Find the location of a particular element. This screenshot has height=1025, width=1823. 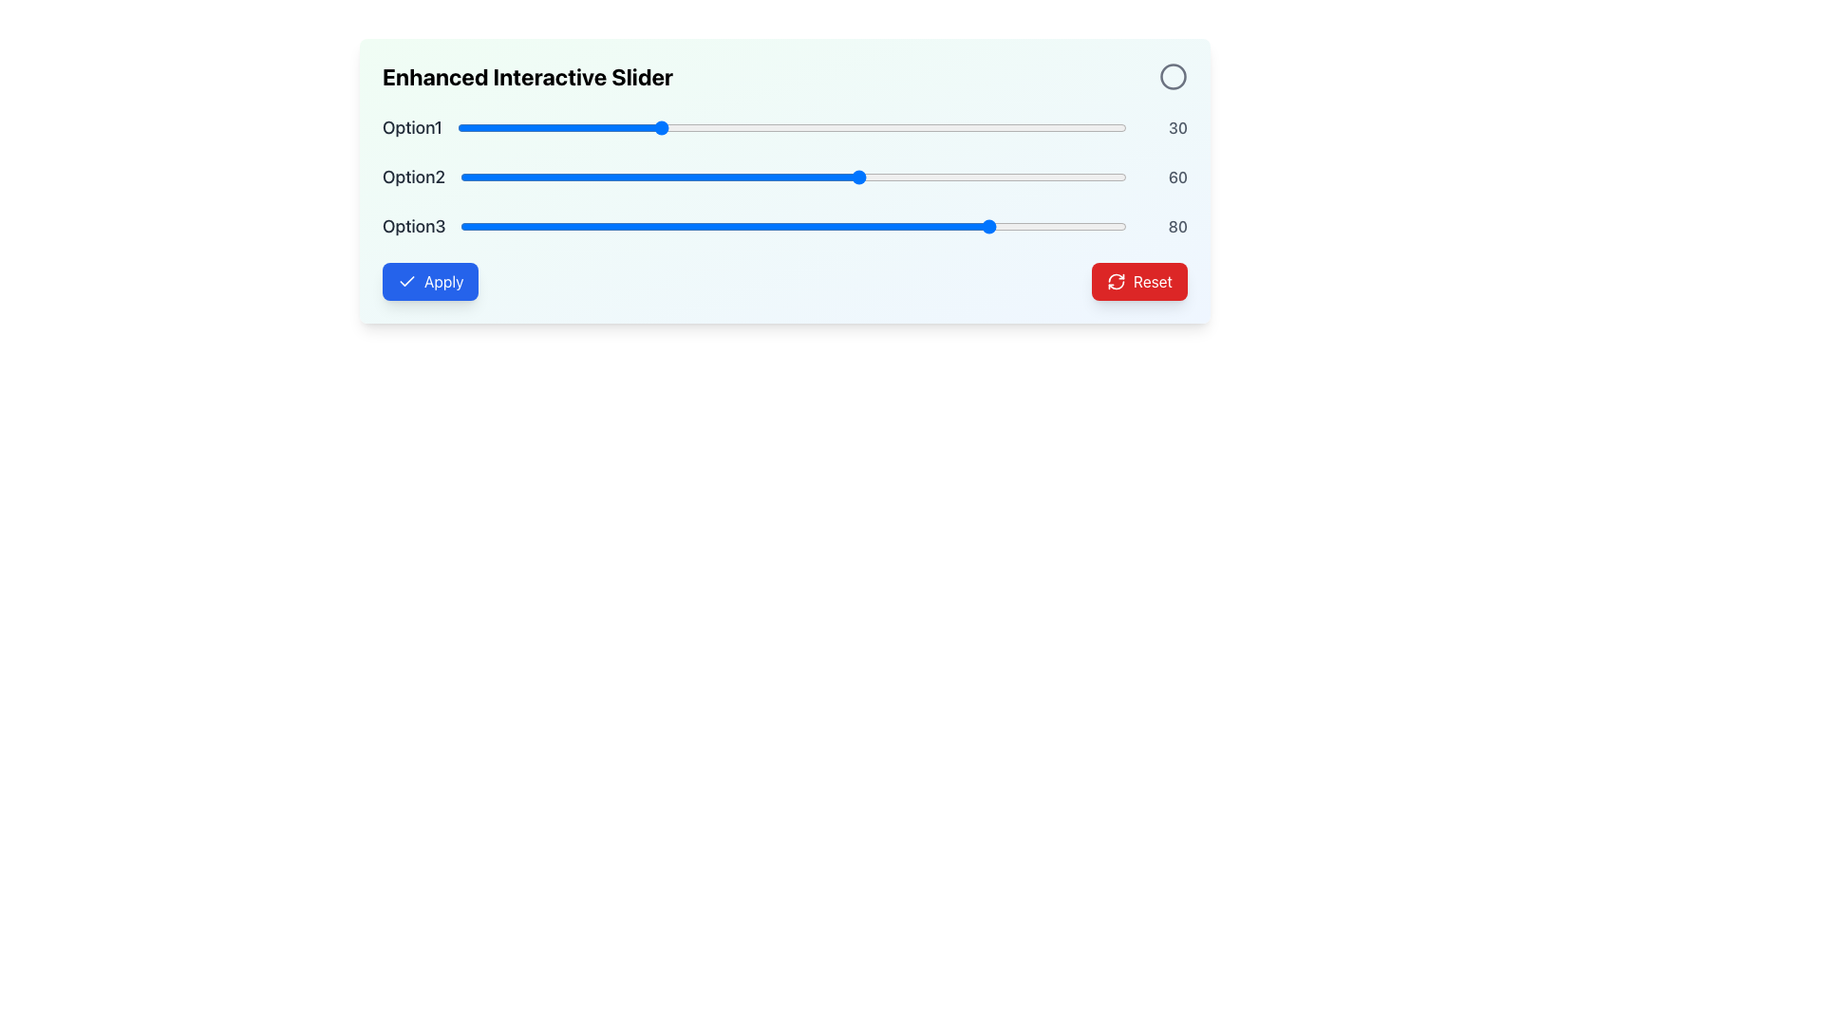

the slider is located at coordinates (553, 226).